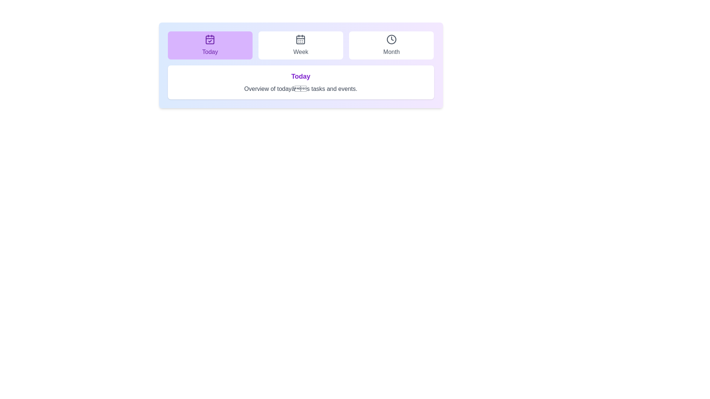 This screenshot has height=399, width=710. Describe the element at coordinates (209, 45) in the screenshot. I see `the Today tab to view its hover effect` at that location.